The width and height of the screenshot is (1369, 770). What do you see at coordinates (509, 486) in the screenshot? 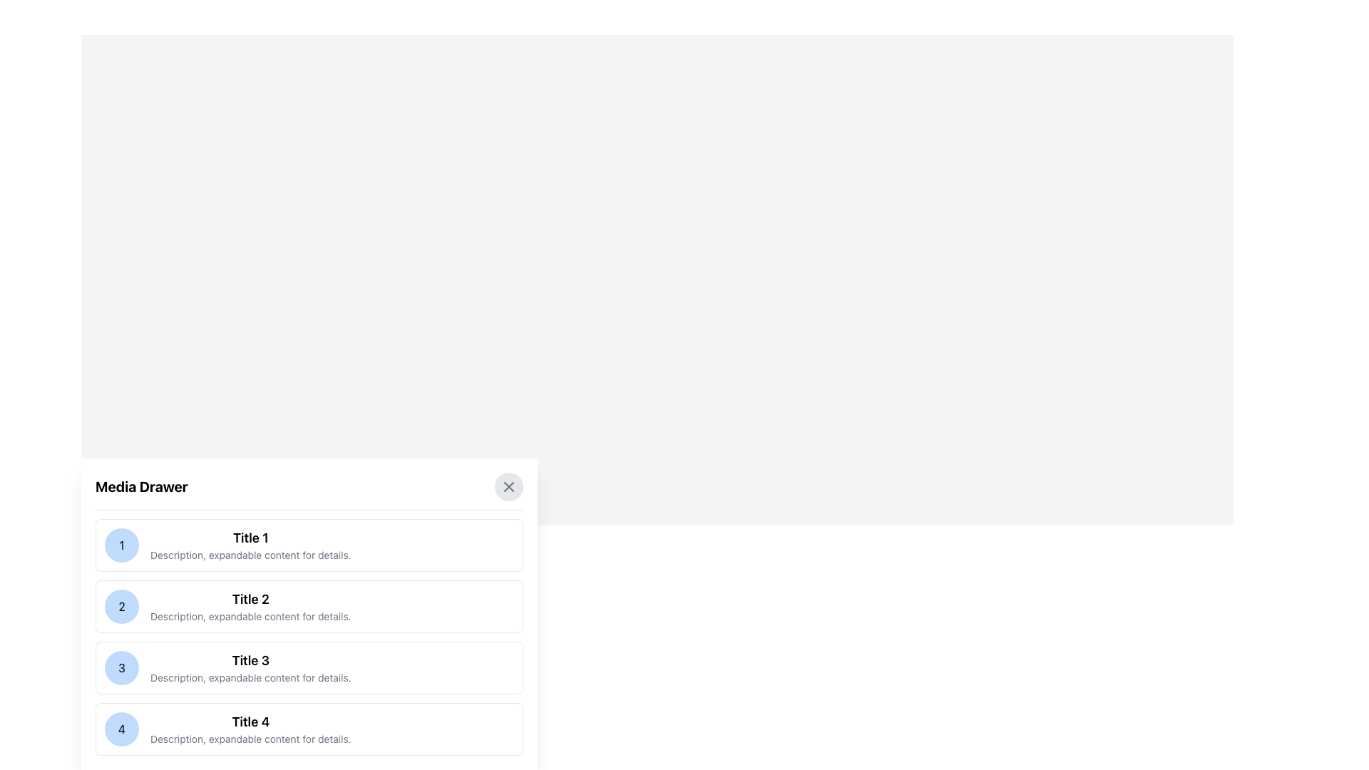
I see `the close button located at the far right of the 'Media Drawer' header bar` at bounding box center [509, 486].